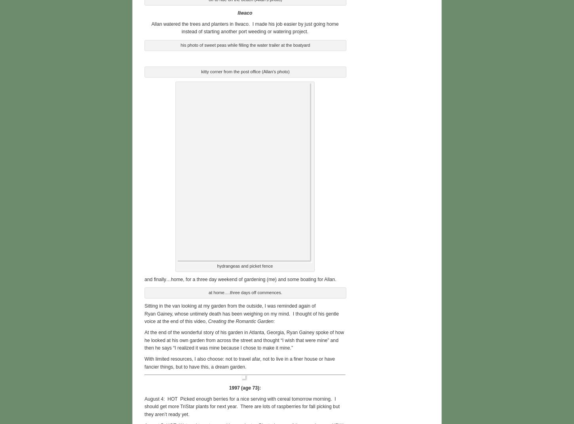 The image size is (574, 424). What do you see at coordinates (245, 70) in the screenshot?
I see `'kitty corner from the post office (Allan’s photo)'` at bounding box center [245, 70].